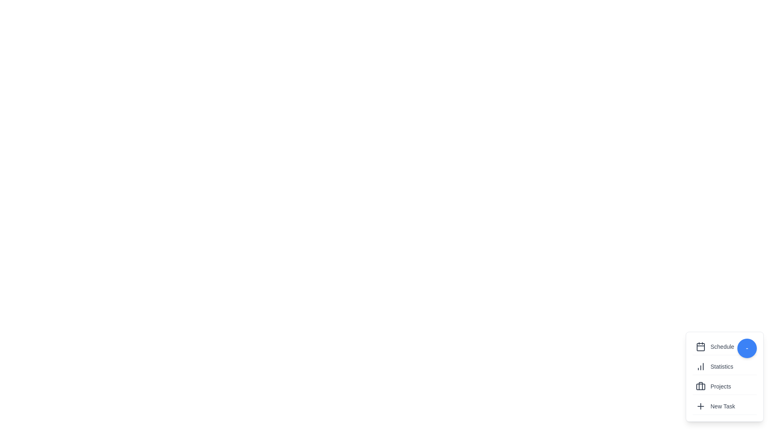 Image resolution: width=780 pixels, height=438 pixels. Describe the element at coordinates (722, 347) in the screenshot. I see `text 'Schedule' from the label that is styled with medium font weight and is the first item in a vertical list of actionable items adjacent to a calendar icon` at that location.